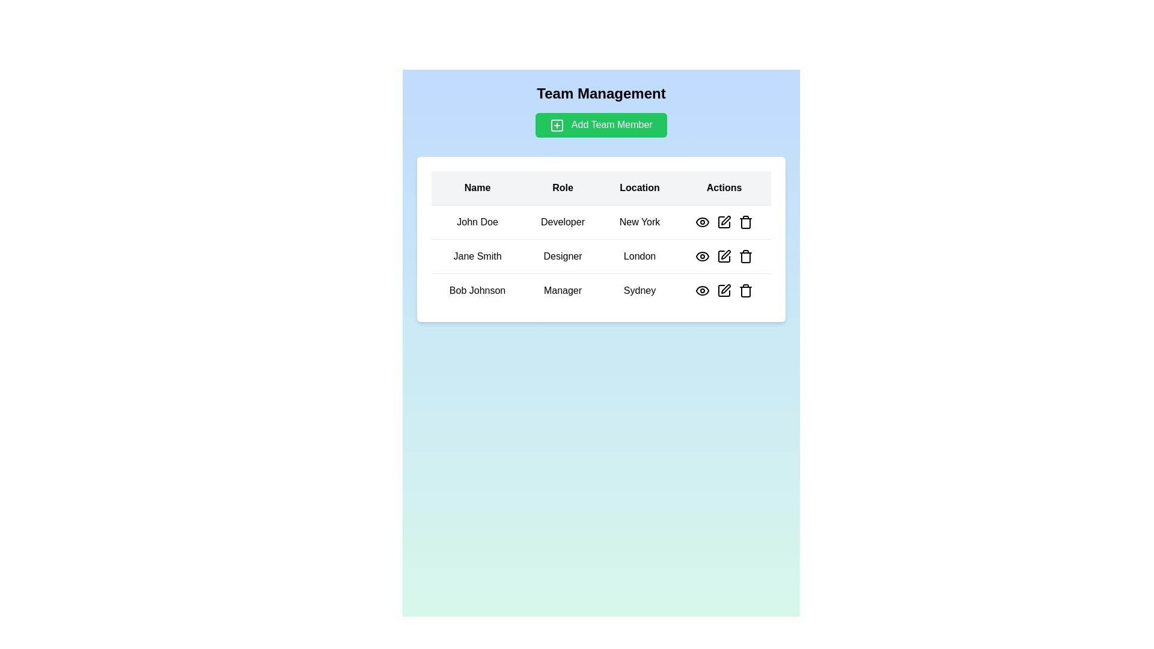  I want to click on label of the 'Name' column header cell in the table, which is the first header in the table row, so click(477, 187).